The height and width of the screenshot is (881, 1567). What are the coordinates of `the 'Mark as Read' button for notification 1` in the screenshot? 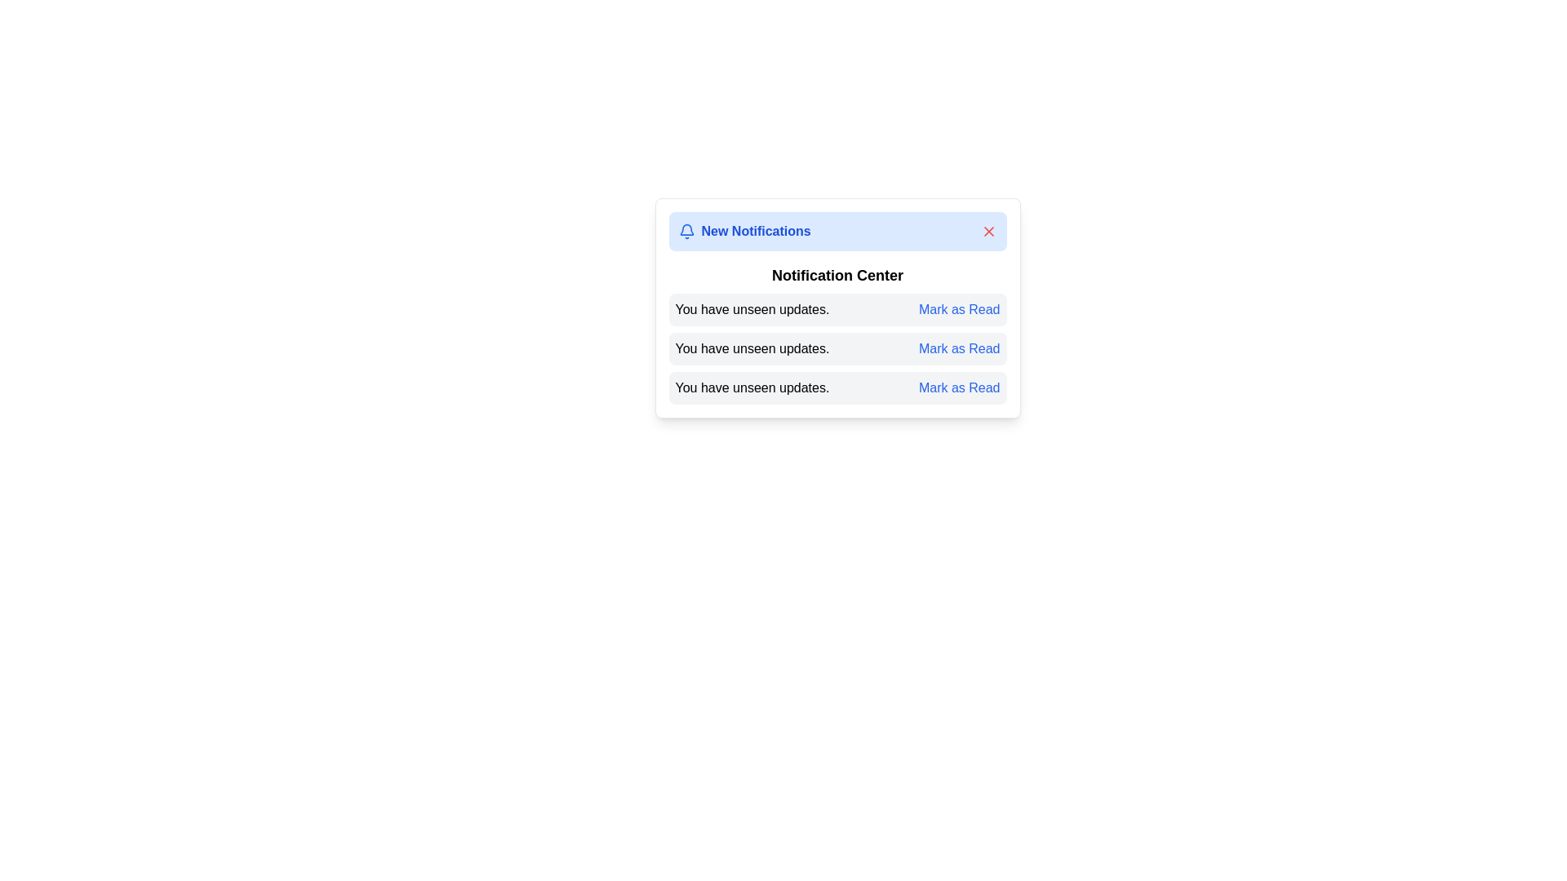 It's located at (959, 310).